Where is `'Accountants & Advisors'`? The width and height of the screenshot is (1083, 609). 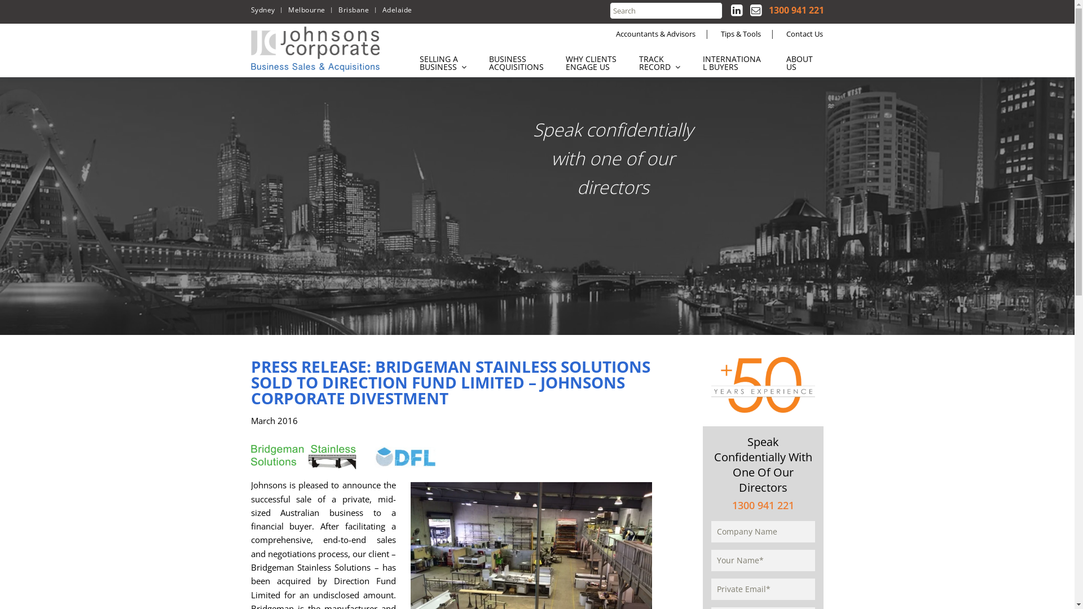
'Accountants & Advisors' is located at coordinates (655, 33).